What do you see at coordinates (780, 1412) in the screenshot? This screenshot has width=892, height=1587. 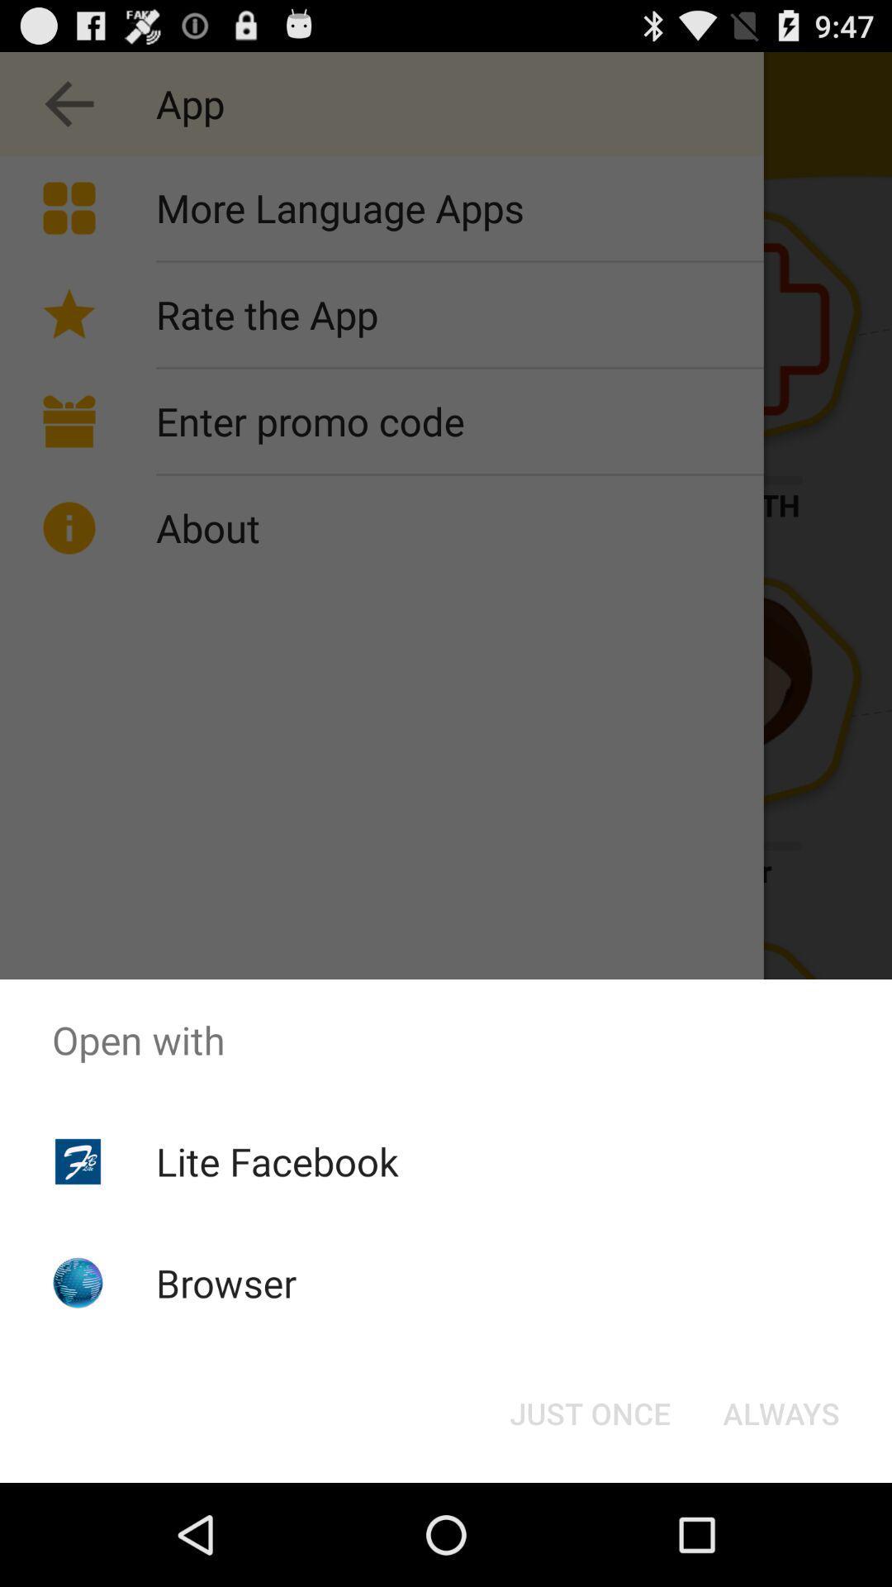 I see `the button at the bottom right corner` at bounding box center [780, 1412].